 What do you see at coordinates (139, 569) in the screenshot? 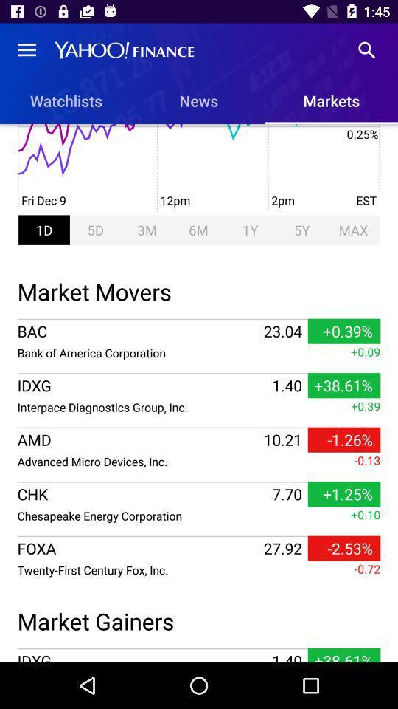
I see `the twenty first century` at bounding box center [139, 569].